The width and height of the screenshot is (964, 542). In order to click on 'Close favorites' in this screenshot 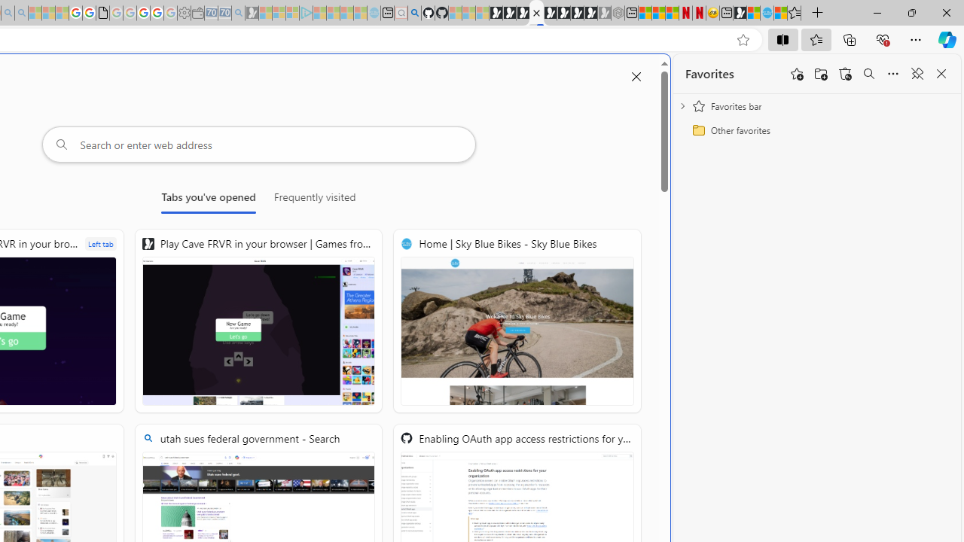, I will do `click(941, 74)`.